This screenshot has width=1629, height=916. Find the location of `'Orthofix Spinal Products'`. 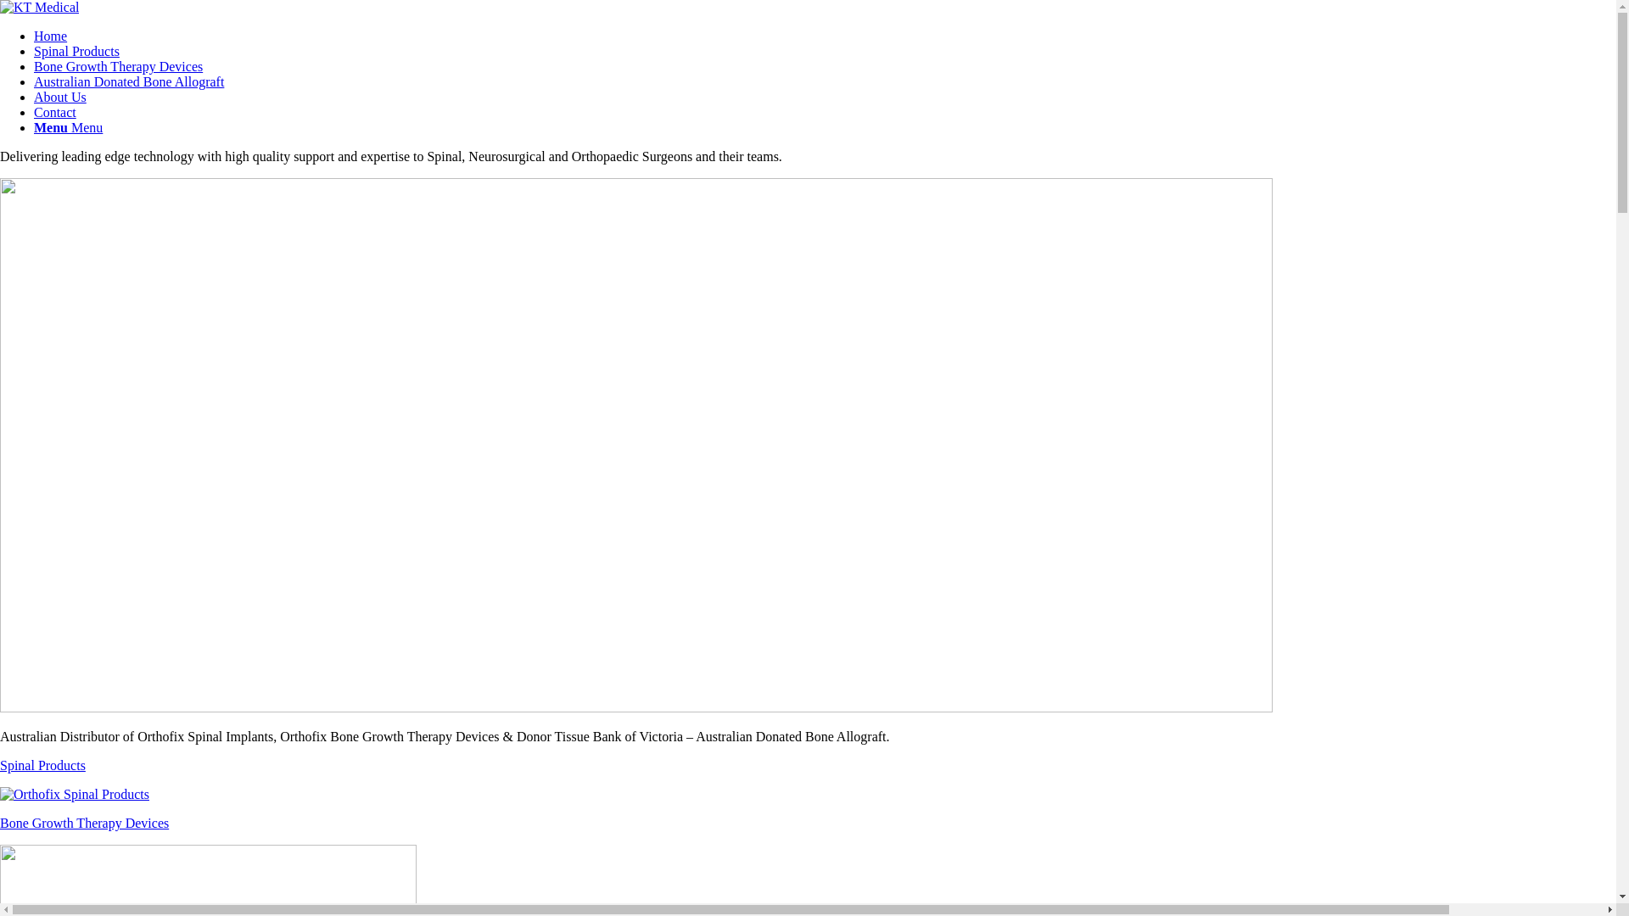

'Orthofix Spinal Products' is located at coordinates (73, 795).